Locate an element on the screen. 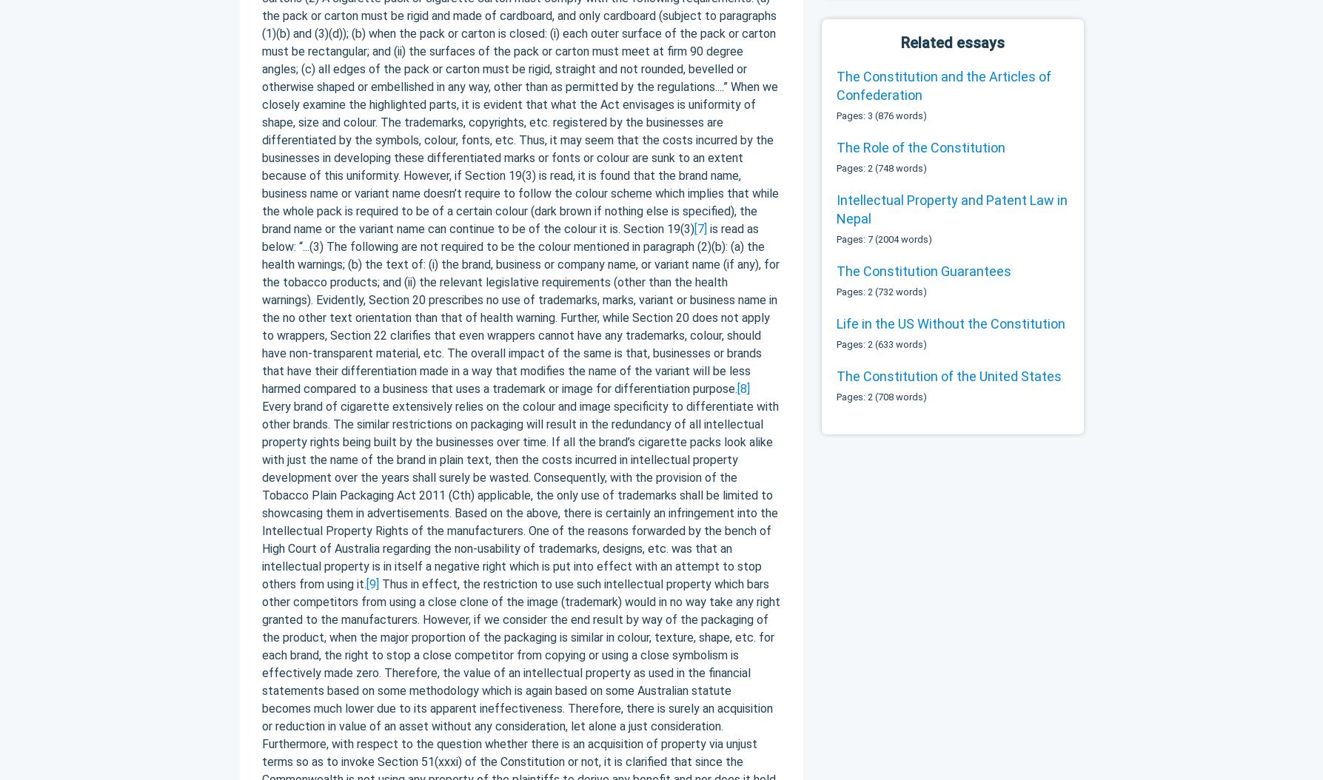  'Intellectual Property and Patent Law in Nepal' is located at coordinates (951, 208).